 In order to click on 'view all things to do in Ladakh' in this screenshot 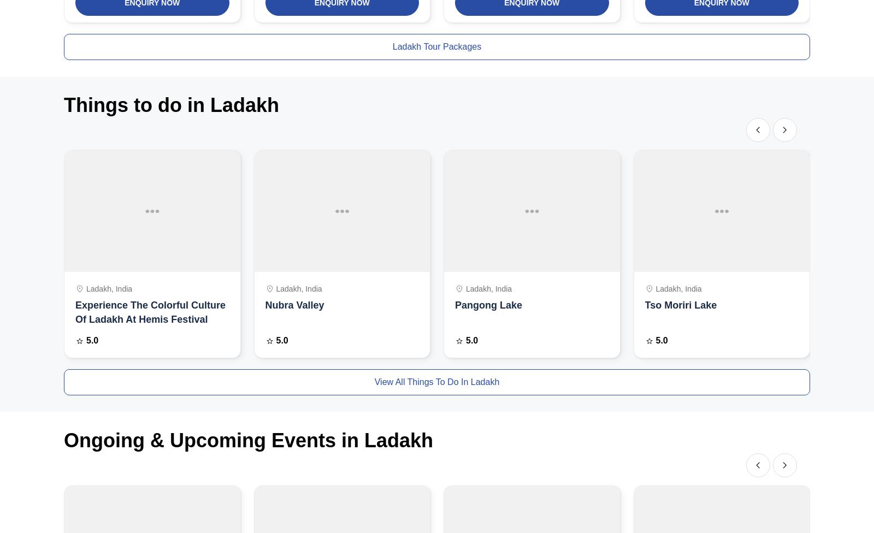, I will do `click(436, 381)`.